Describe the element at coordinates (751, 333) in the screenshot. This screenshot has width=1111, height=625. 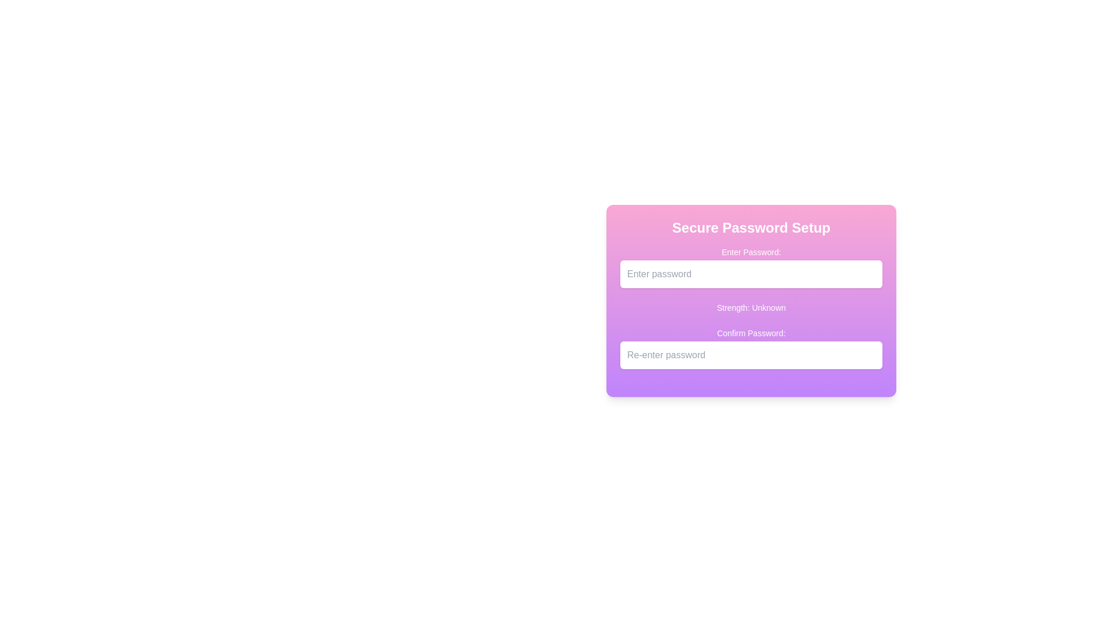
I see `the Text label that indicates the purpose of the input field for confirming the password, positioned above the 'Re-enter password' field` at that location.